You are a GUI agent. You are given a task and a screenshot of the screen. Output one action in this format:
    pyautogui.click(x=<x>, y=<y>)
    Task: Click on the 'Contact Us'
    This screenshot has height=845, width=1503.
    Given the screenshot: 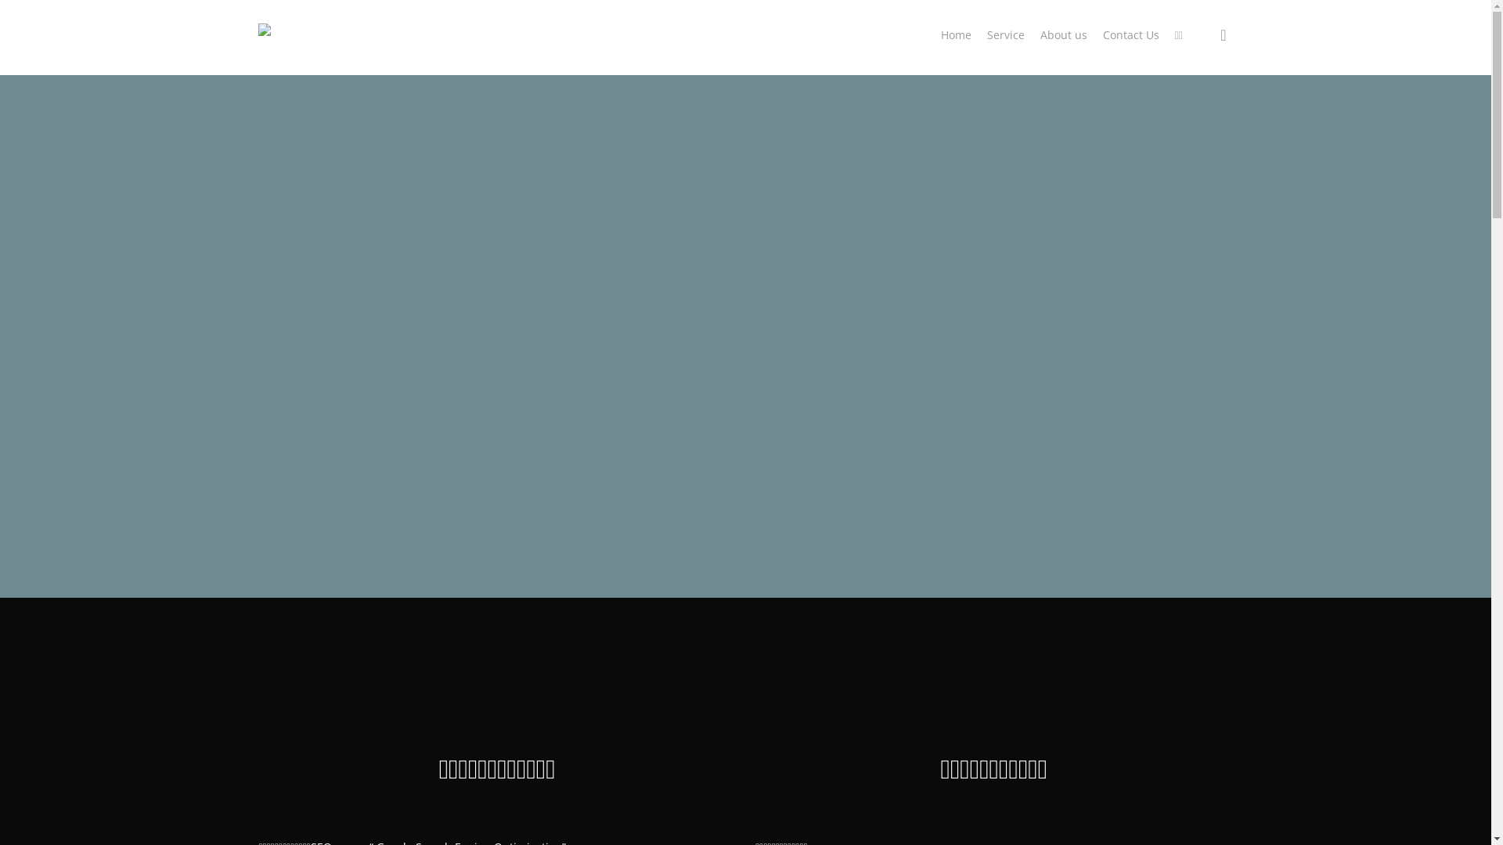 What is the action you would take?
    pyautogui.click(x=1130, y=35)
    